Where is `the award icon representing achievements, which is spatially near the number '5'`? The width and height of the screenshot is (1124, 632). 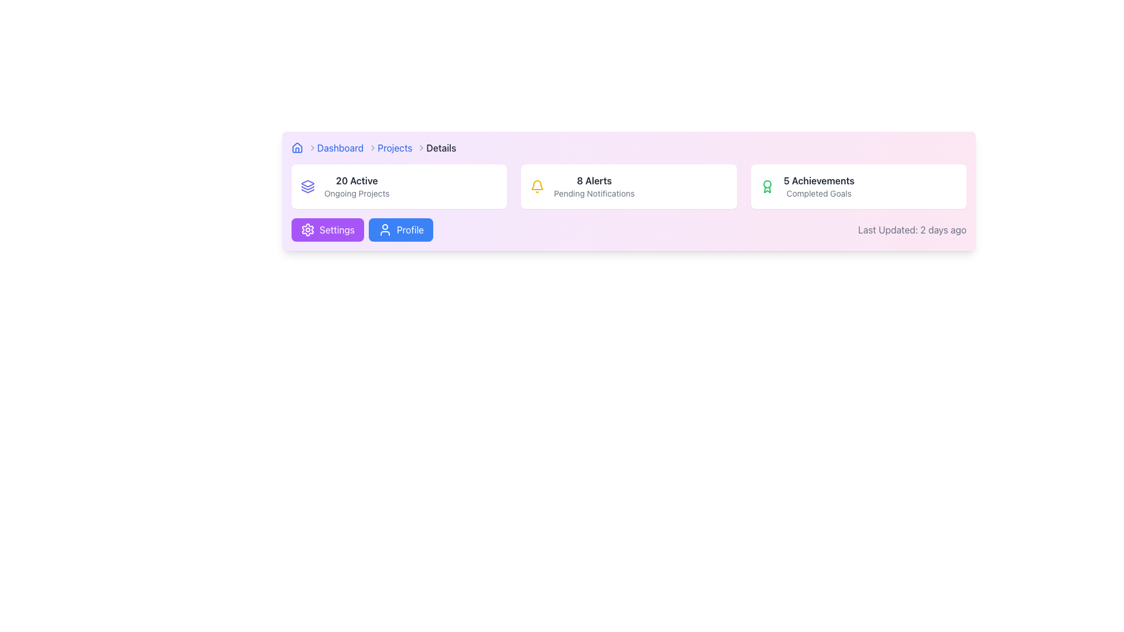 the award icon representing achievements, which is spatially near the number '5' is located at coordinates (767, 189).